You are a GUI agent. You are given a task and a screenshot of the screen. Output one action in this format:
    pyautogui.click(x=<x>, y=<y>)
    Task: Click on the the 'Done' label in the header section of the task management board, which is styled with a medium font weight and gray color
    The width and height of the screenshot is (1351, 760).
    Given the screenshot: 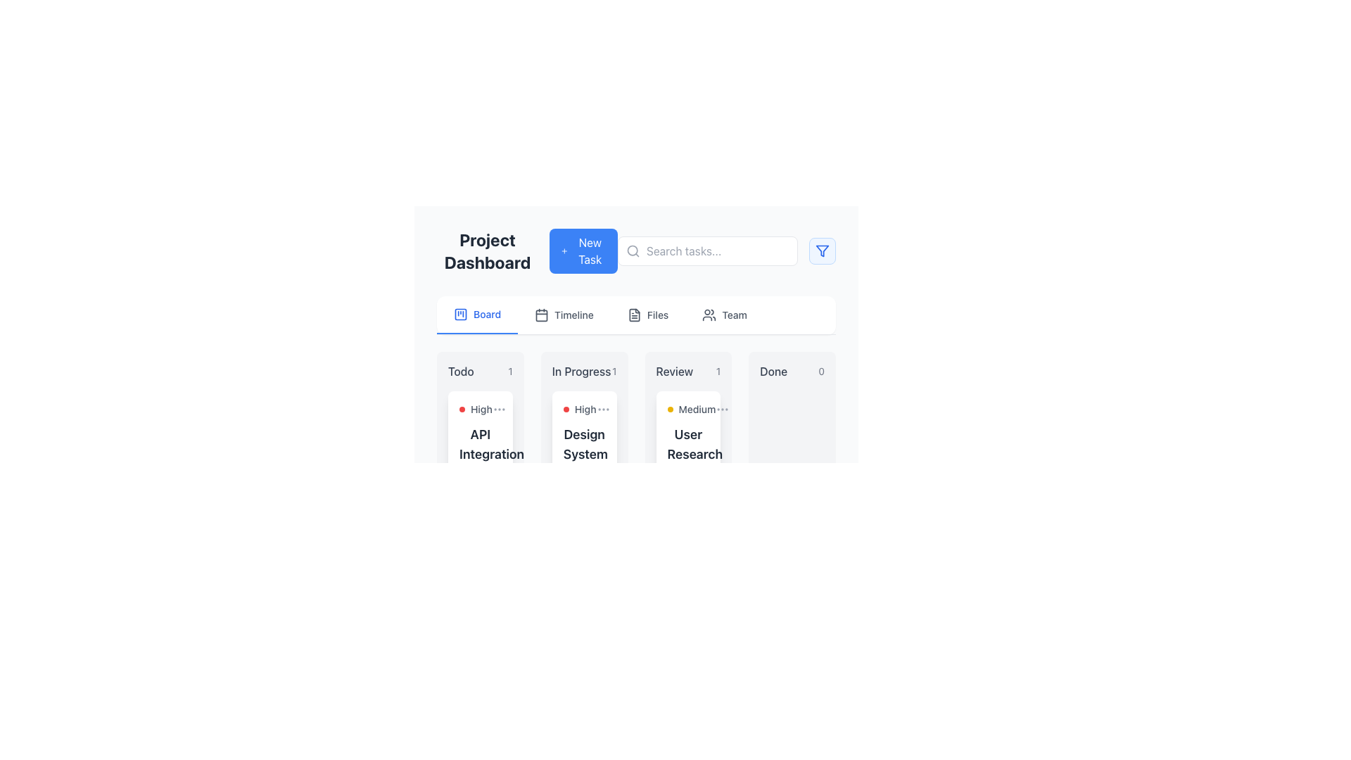 What is the action you would take?
    pyautogui.click(x=773, y=371)
    